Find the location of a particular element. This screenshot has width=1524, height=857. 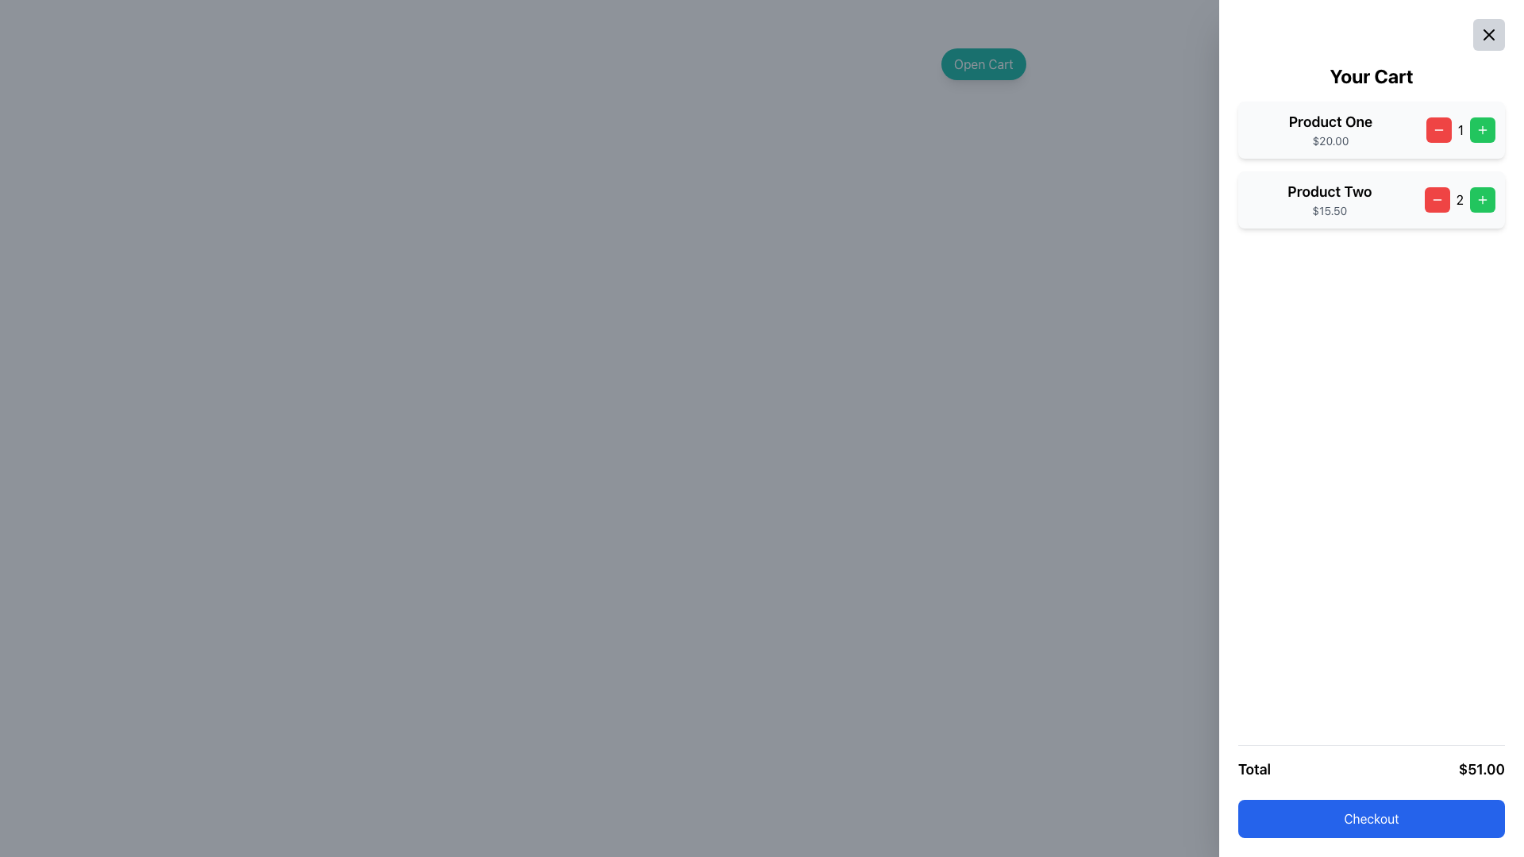

the rectangular button with a rounded border containing an 'X' icon in the top right corner of the cart sidebar is located at coordinates (1488, 34).